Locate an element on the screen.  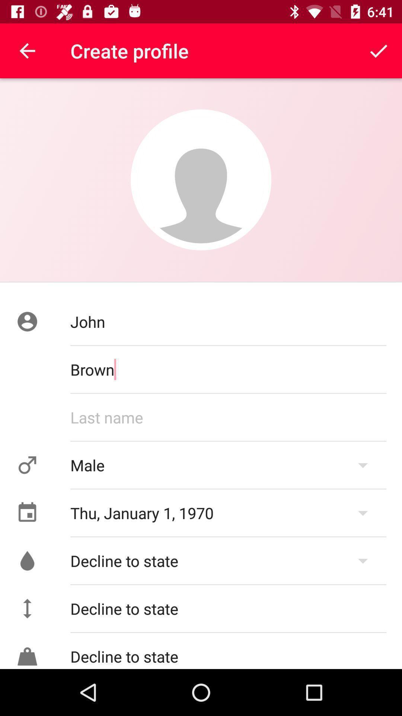
type last name in the textbox is located at coordinates (228, 417).